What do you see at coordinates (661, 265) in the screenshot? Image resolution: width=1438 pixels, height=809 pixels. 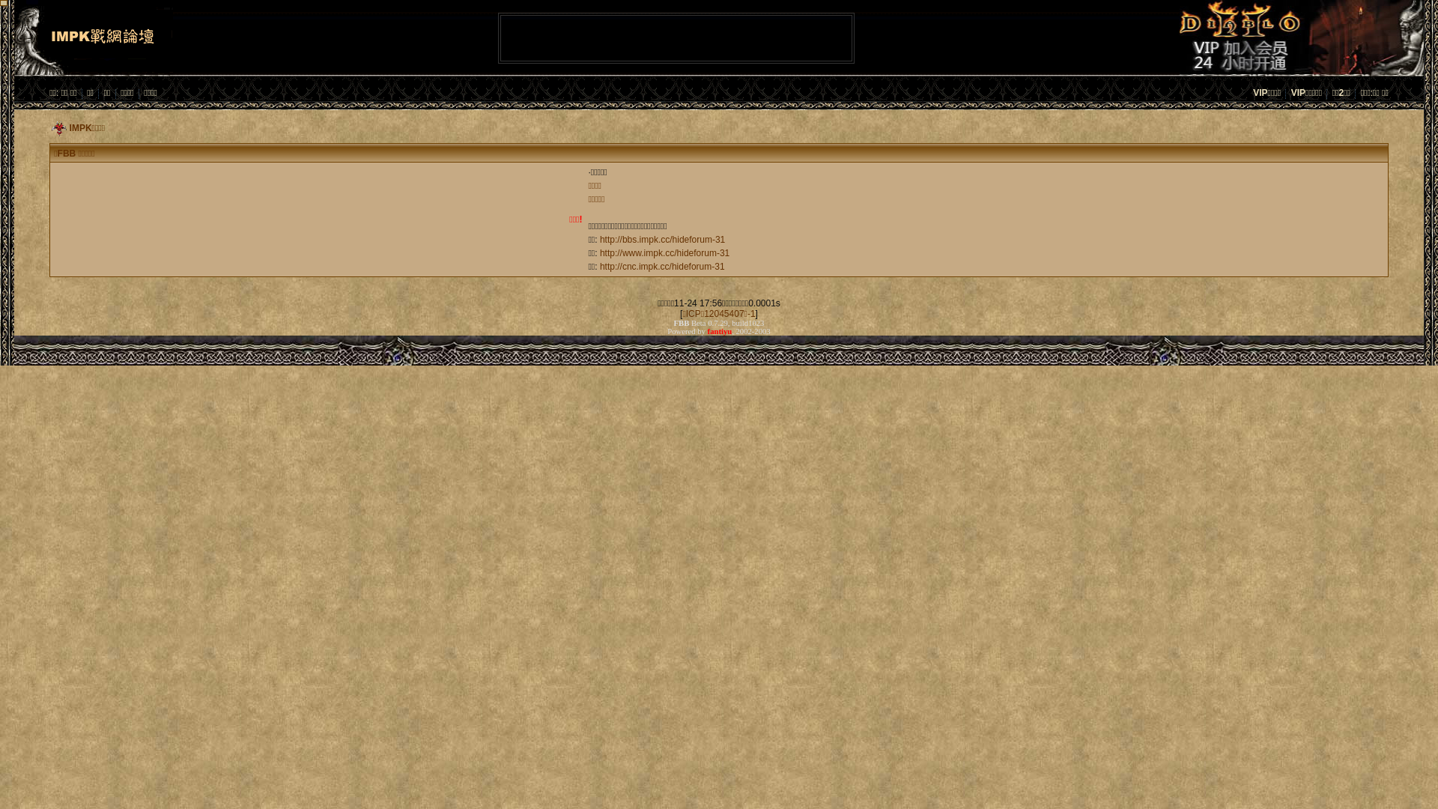 I see `'http://cnc.impk.cc/hideforum-31'` at bounding box center [661, 265].